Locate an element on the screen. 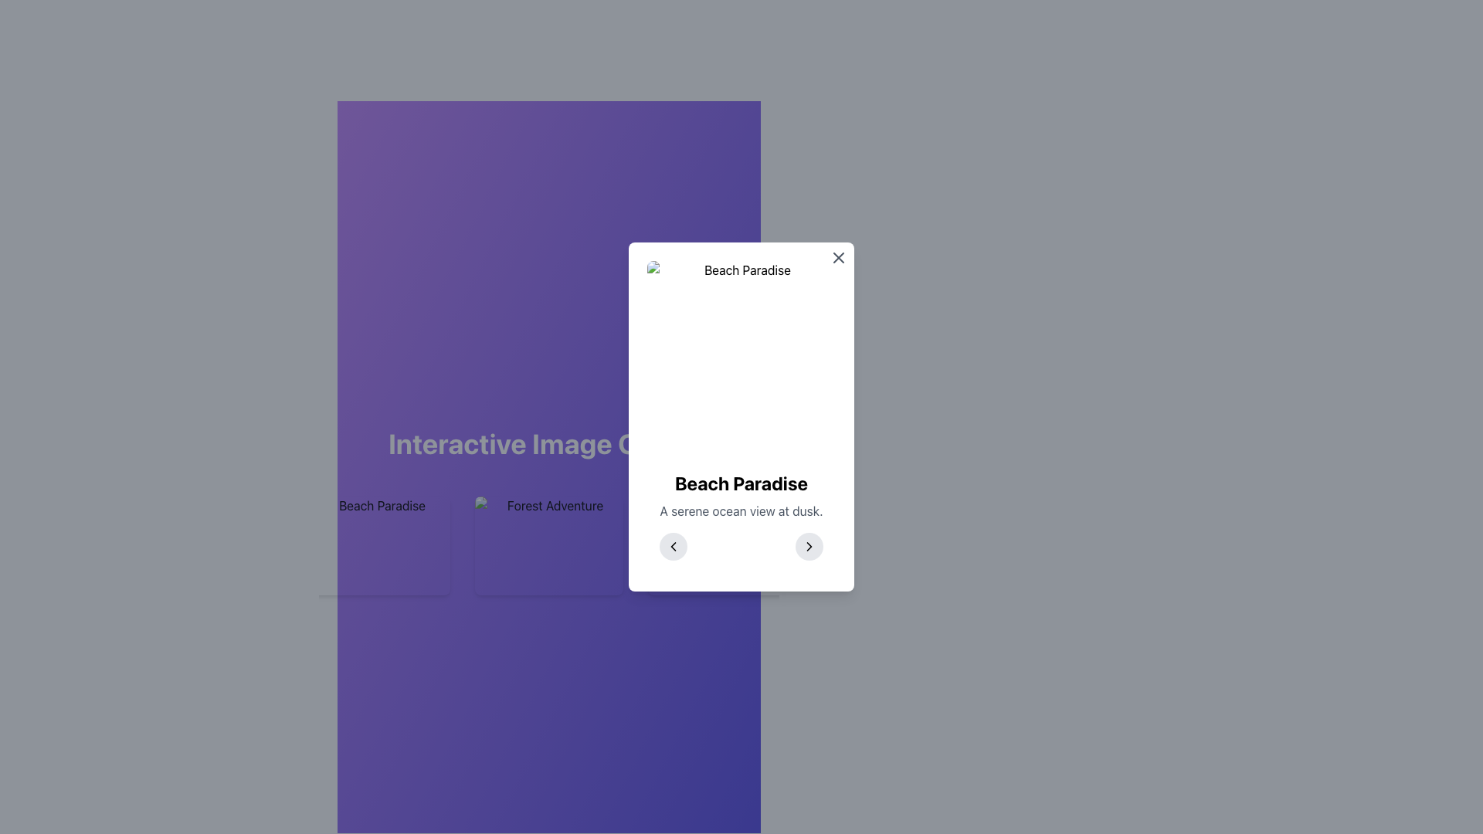  the left-facing chevron icon located at the top-left corner of the modal window is located at coordinates (674, 546).